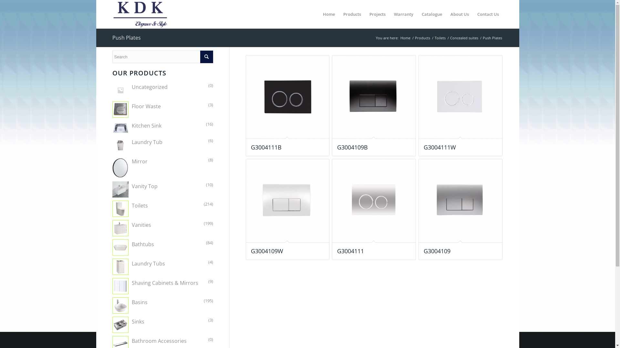  Describe the element at coordinates (120, 228) in the screenshot. I see `'Vanities'` at that location.